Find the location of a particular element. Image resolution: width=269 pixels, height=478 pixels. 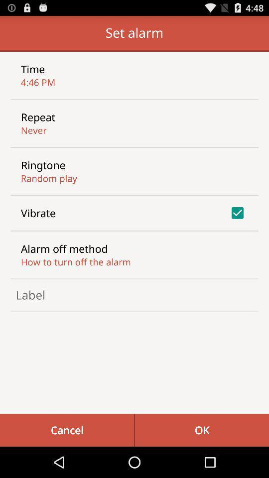

app below never item is located at coordinates (42, 165).